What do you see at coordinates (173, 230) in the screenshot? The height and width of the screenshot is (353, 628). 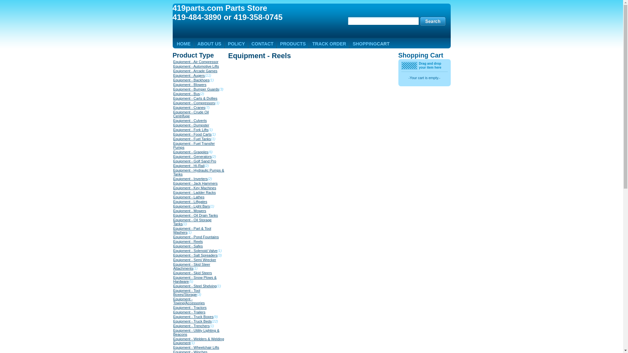 I see `'Equipment - Part & Tool Washers'` at bounding box center [173, 230].